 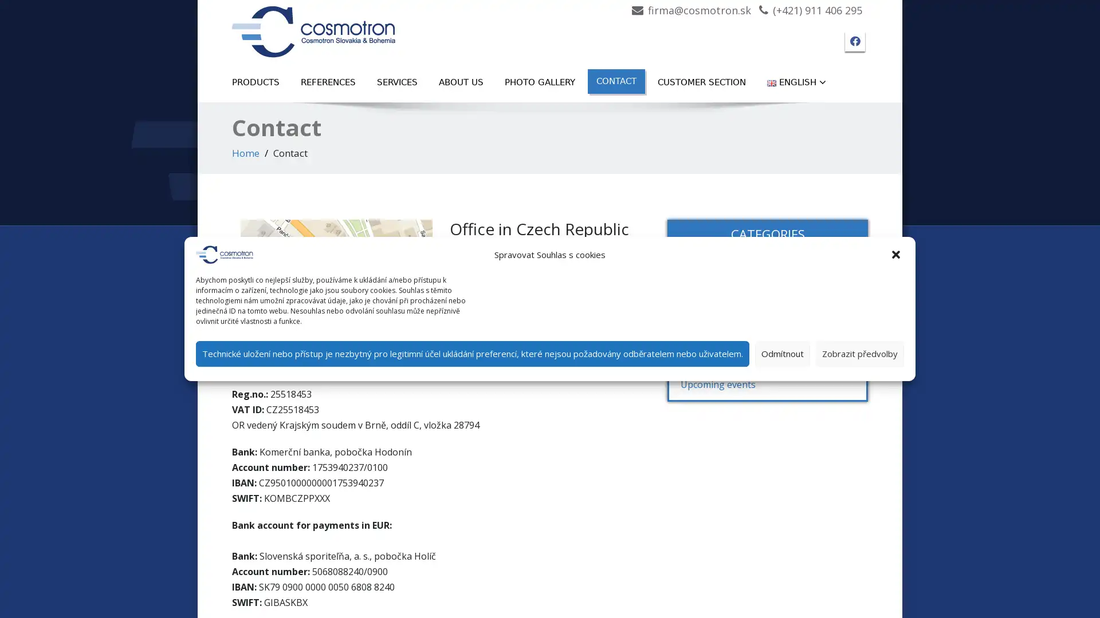 I want to click on Zobrazit predvolby, so click(x=860, y=352).